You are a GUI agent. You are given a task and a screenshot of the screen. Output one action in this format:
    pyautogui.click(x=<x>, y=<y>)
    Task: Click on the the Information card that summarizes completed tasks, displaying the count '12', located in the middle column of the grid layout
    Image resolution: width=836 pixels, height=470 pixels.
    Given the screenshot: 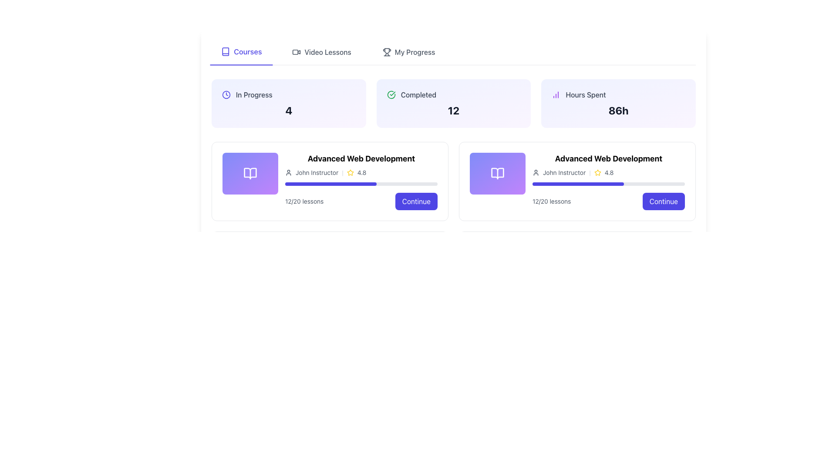 What is the action you would take?
    pyautogui.click(x=453, y=103)
    